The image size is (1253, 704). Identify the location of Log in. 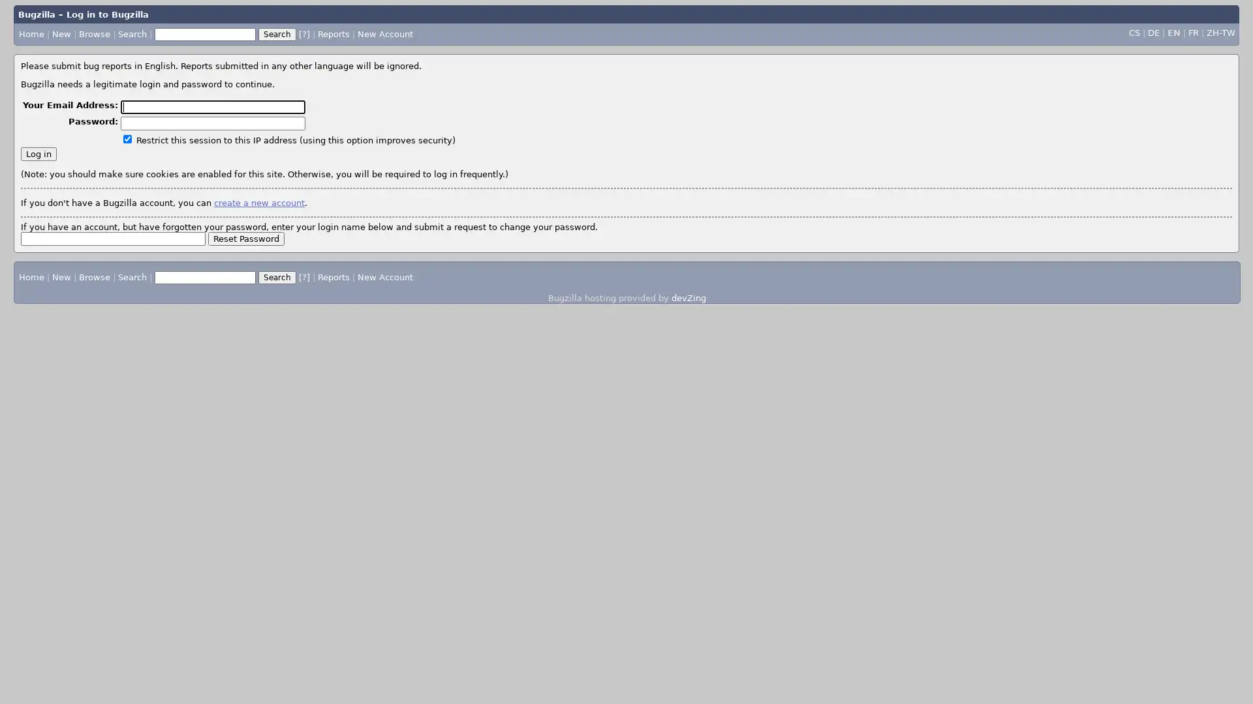
(39, 153).